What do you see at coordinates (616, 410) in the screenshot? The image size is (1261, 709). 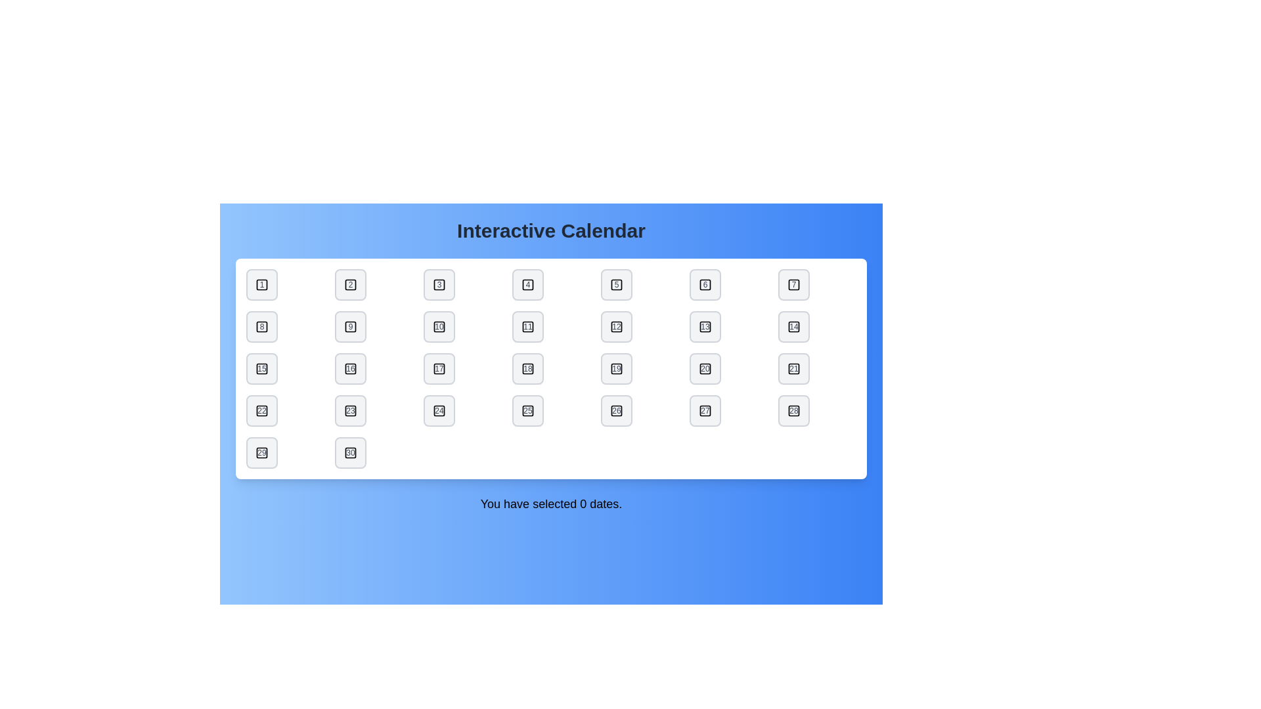 I see `the date button labeled 26 to toggle its selection state` at bounding box center [616, 410].